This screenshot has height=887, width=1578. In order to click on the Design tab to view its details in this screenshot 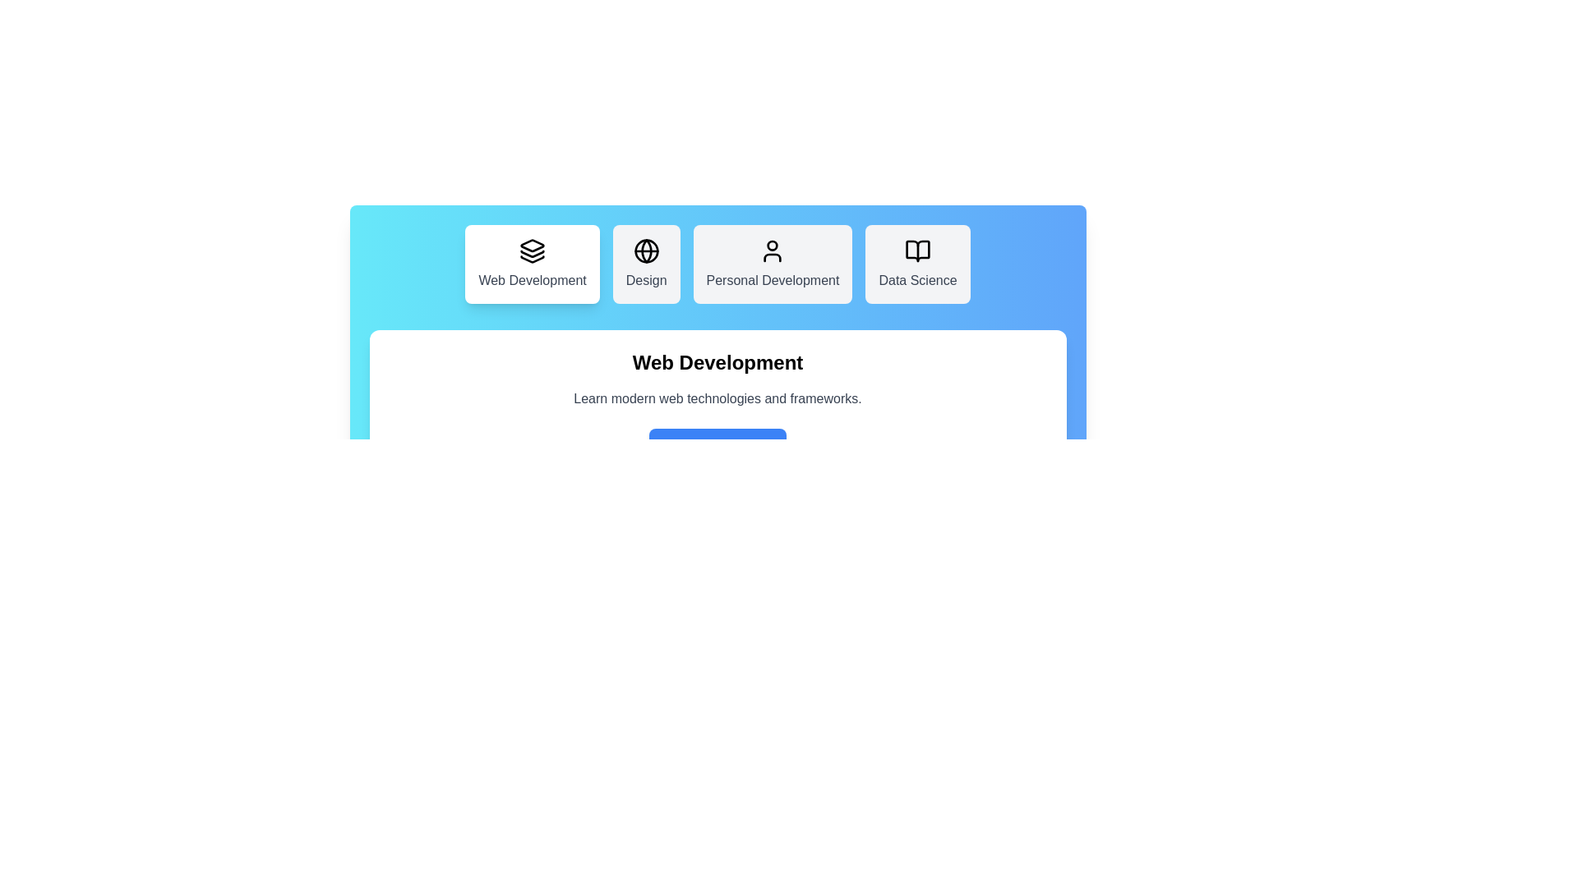, I will do `click(645, 263)`.